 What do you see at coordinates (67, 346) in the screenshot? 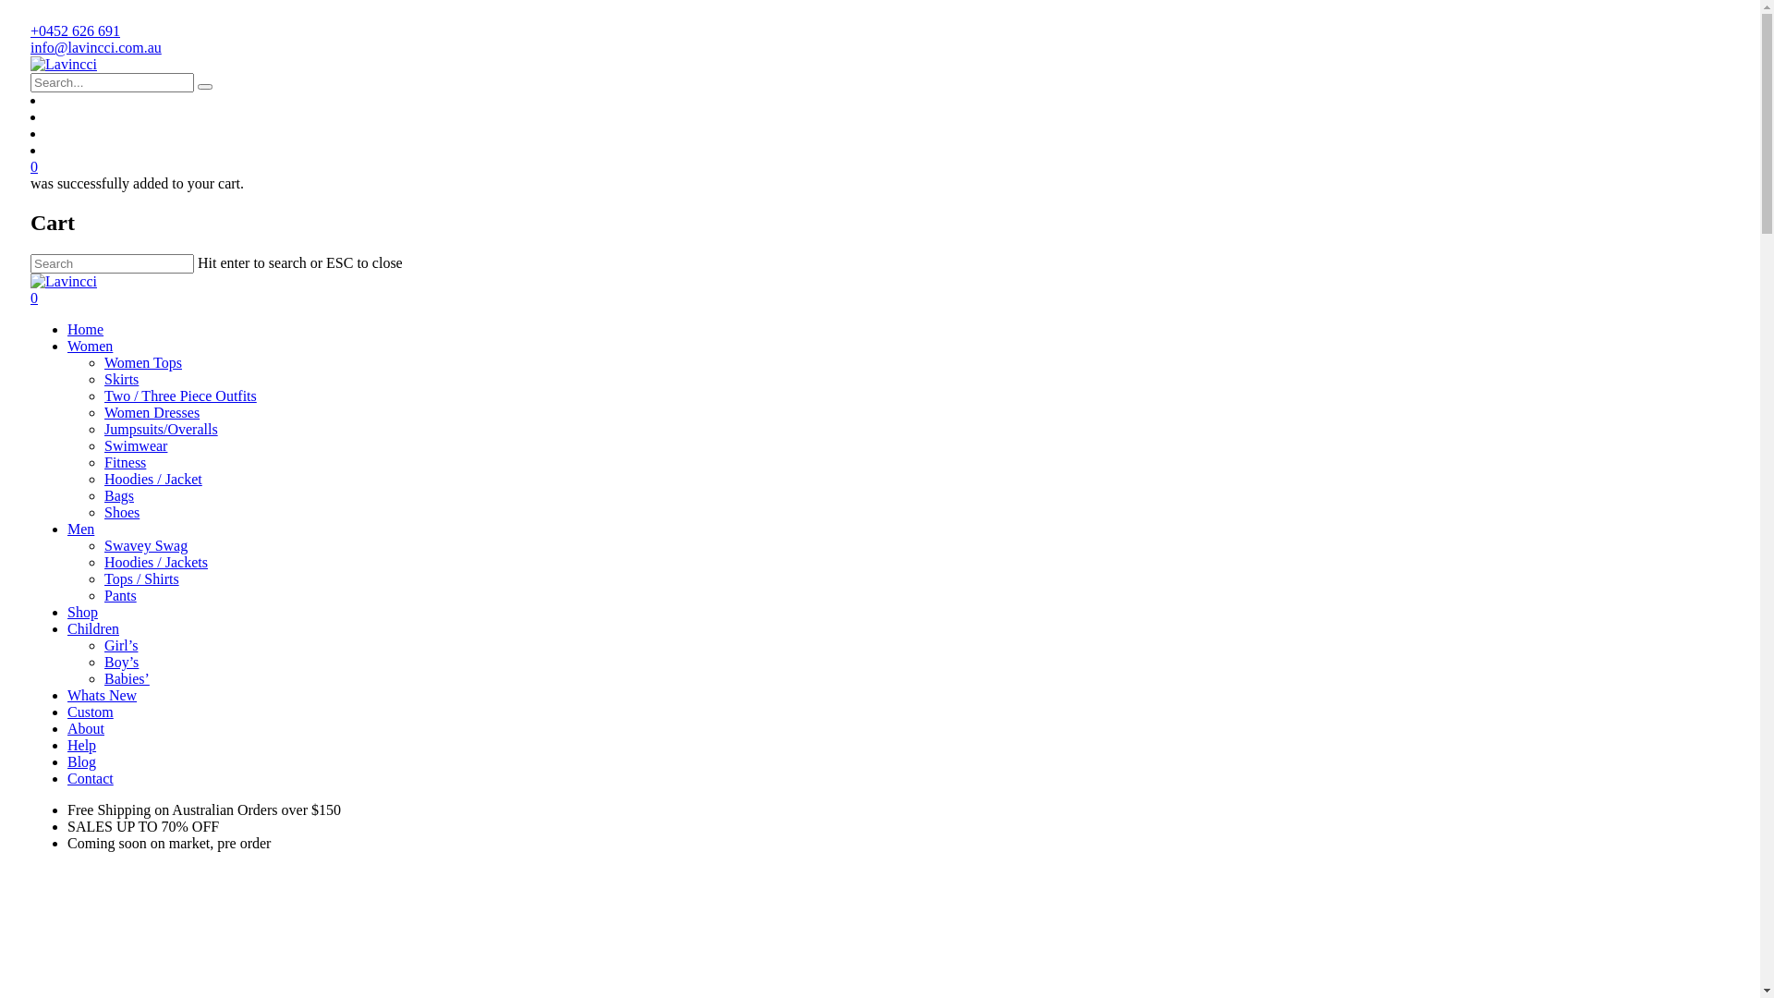
I see `'Women'` at bounding box center [67, 346].